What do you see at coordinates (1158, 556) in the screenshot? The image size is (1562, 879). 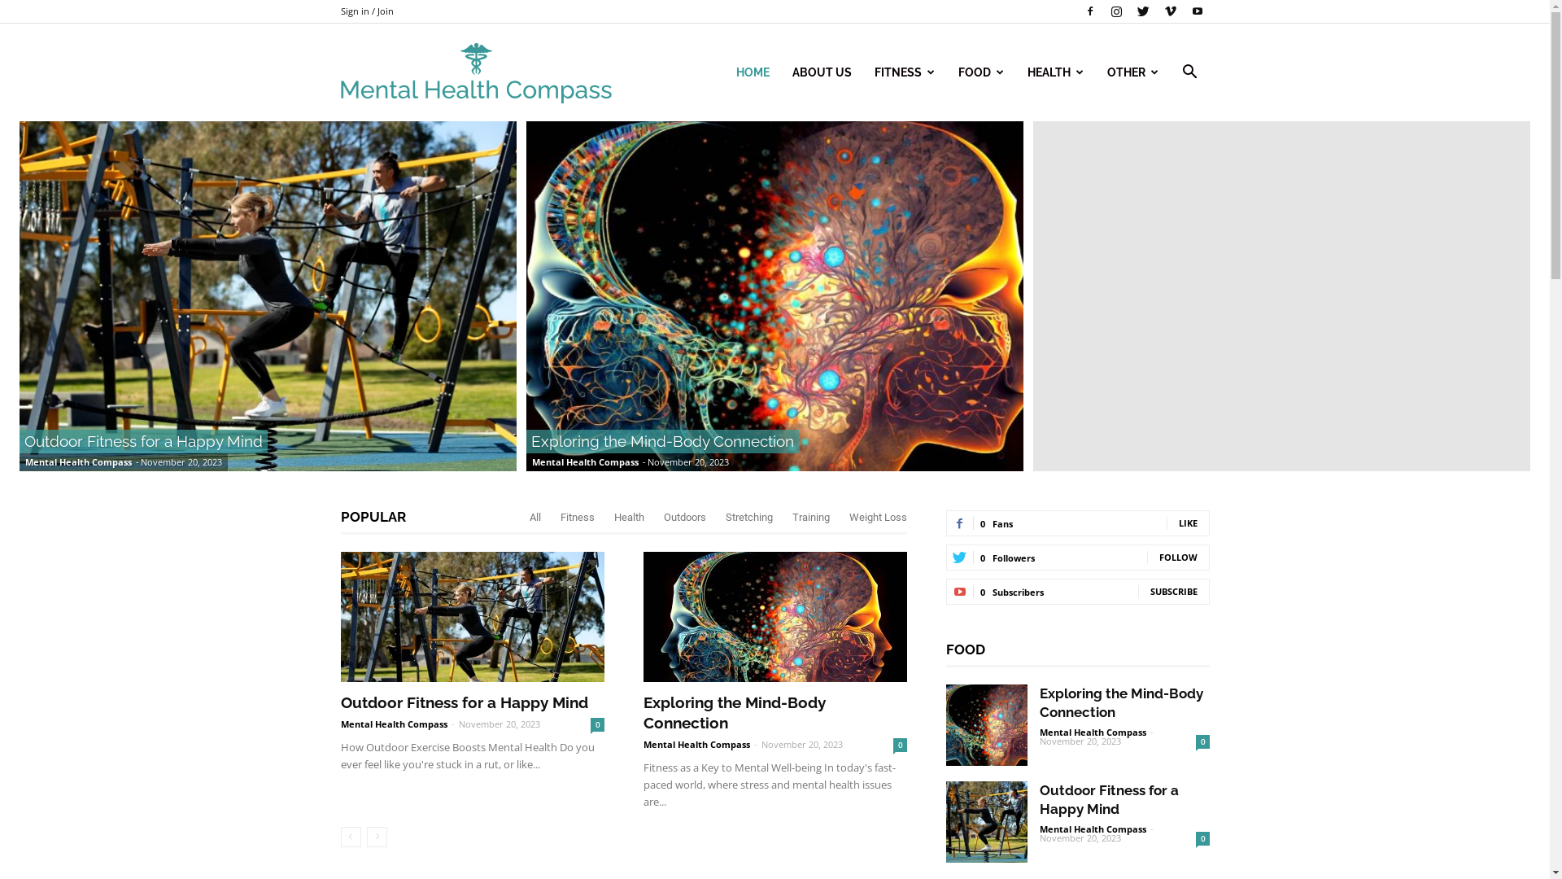 I see `'FOLLOW'` at bounding box center [1158, 556].